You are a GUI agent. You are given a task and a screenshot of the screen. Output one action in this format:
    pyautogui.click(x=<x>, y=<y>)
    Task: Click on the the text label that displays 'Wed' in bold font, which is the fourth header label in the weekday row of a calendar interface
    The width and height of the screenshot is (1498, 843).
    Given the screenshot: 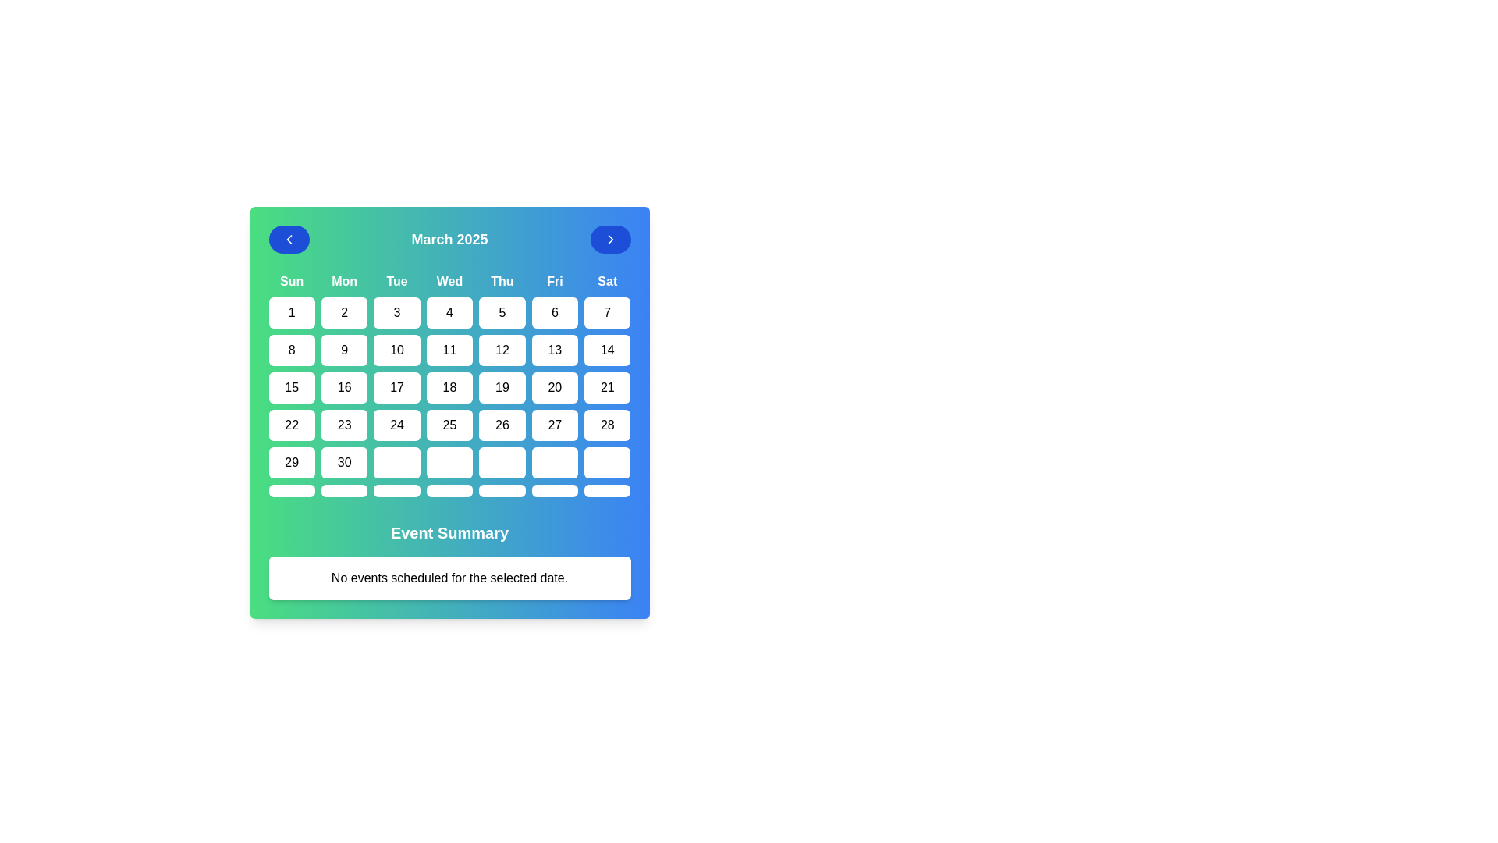 What is the action you would take?
    pyautogui.click(x=449, y=282)
    